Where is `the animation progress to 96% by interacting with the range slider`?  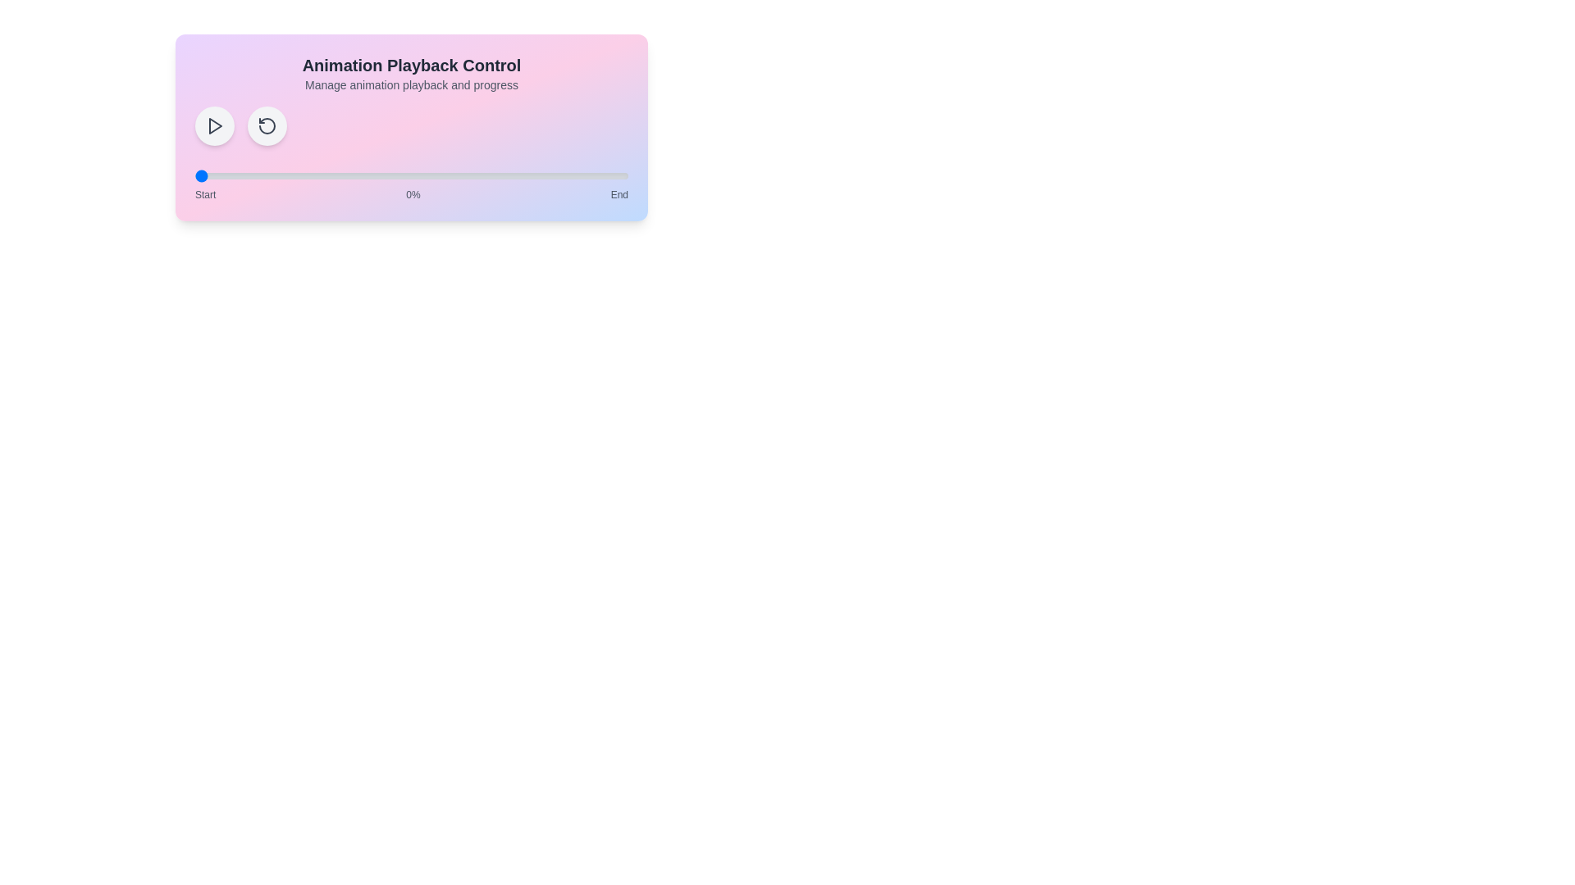
the animation progress to 96% by interacting with the range slider is located at coordinates (609, 176).